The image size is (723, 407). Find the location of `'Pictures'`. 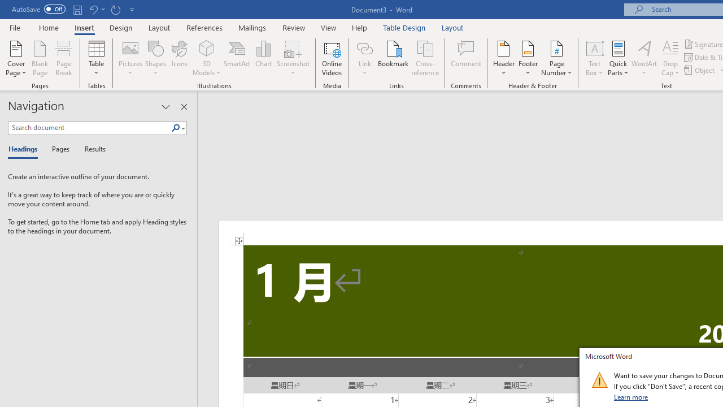

'Pictures' is located at coordinates (130, 58).